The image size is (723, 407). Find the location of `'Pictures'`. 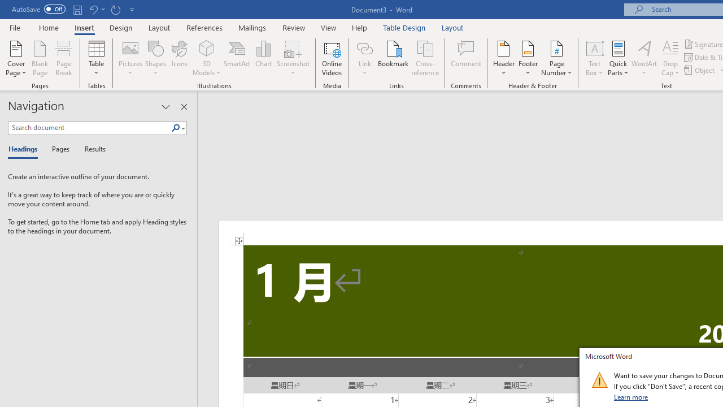

'Pictures' is located at coordinates (130, 58).